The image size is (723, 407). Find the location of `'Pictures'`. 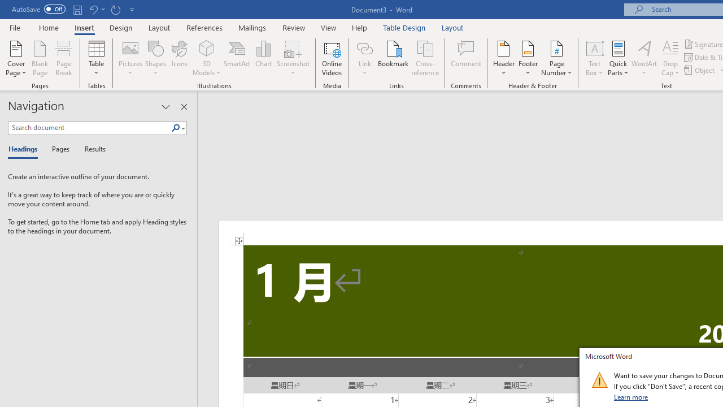

'Pictures' is located at coordinates (130, 58).